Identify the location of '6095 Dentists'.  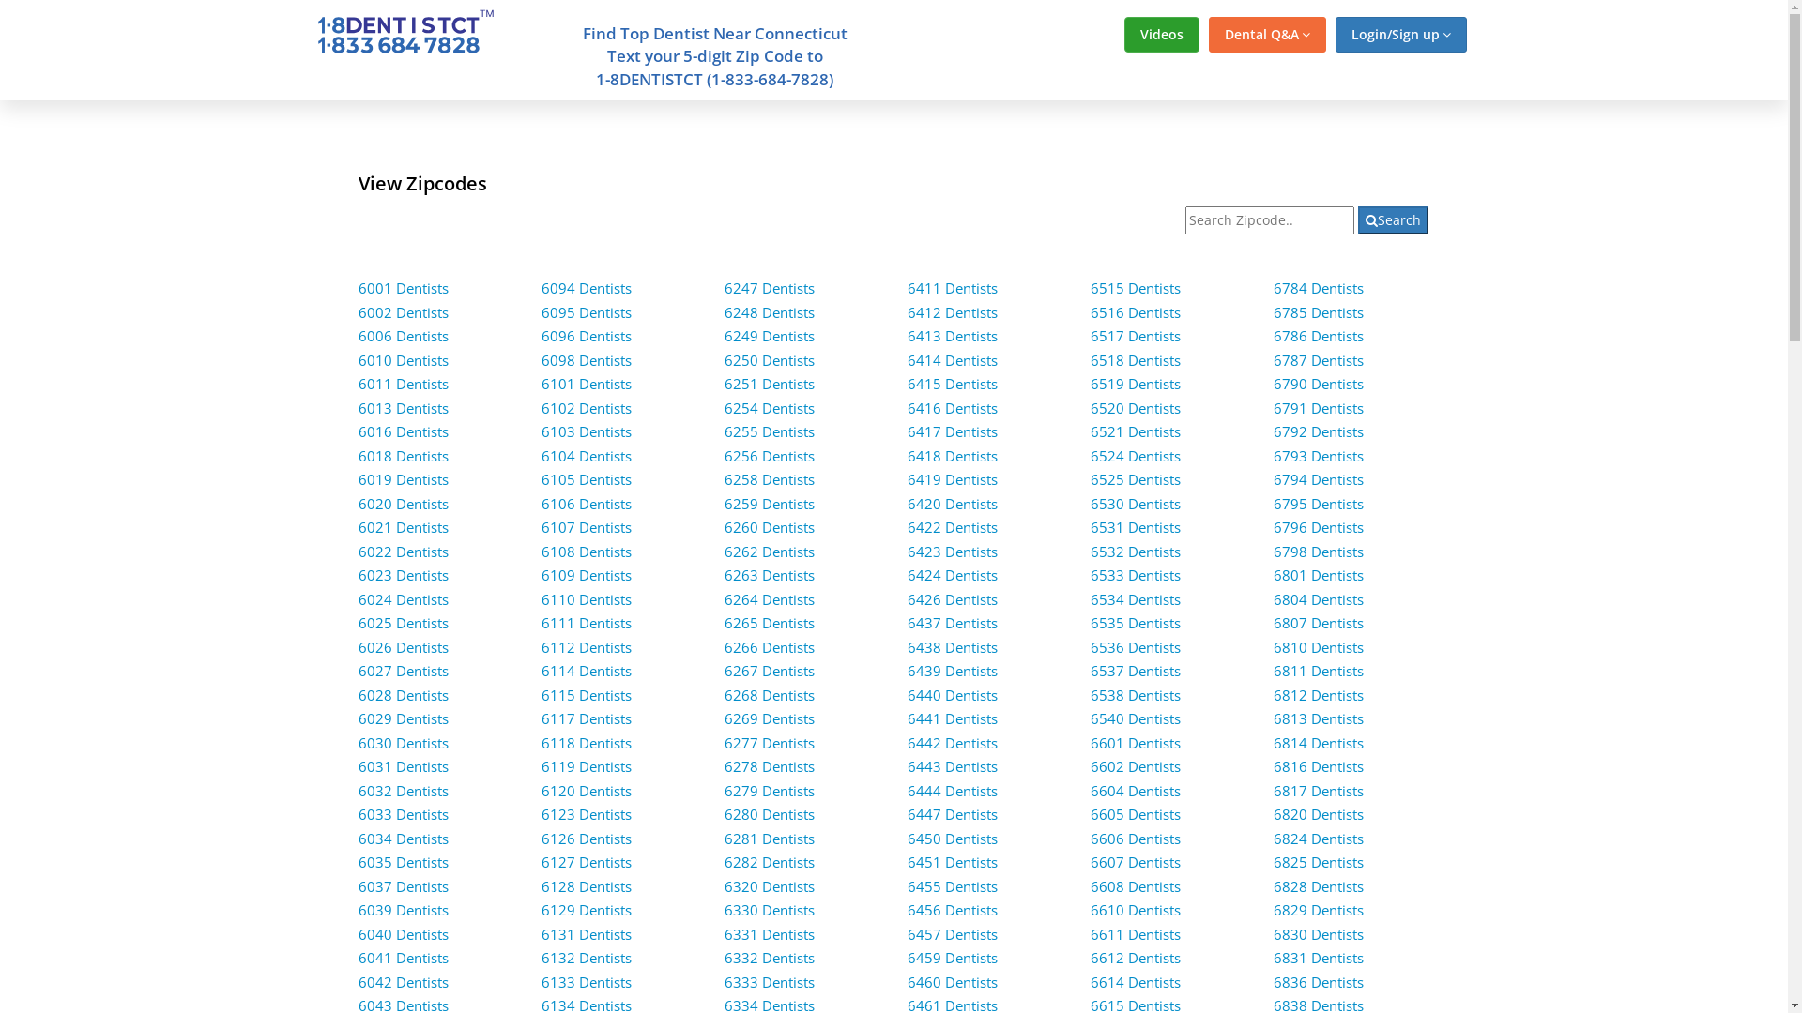
(585, 310).